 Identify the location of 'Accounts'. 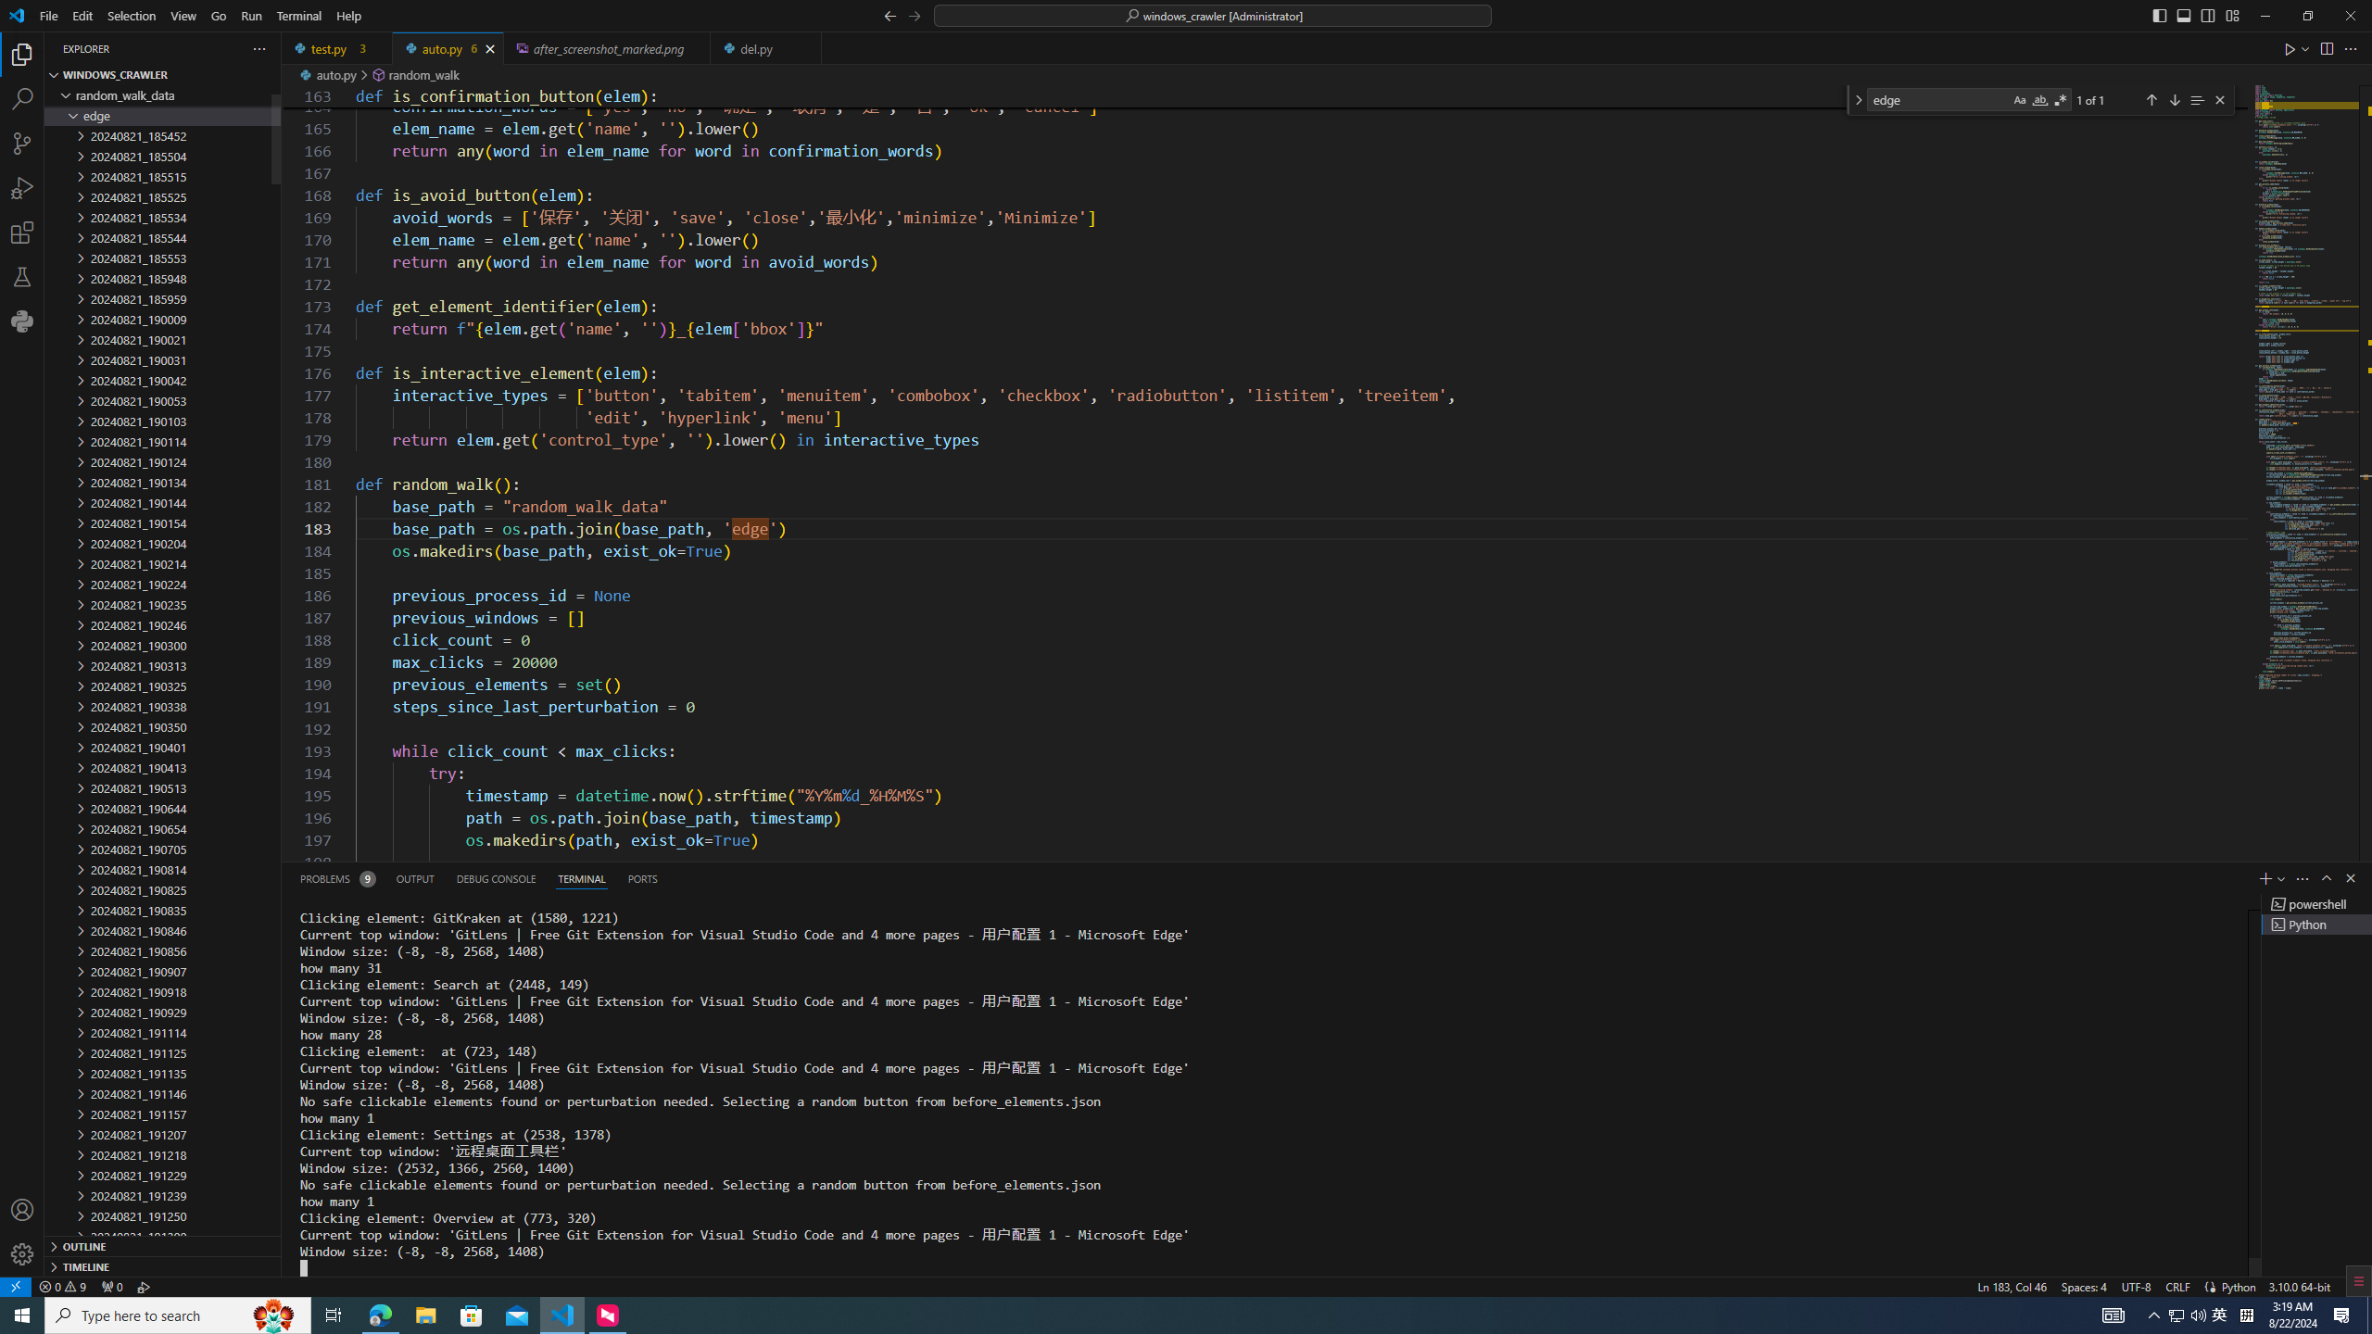
(22, 1209).